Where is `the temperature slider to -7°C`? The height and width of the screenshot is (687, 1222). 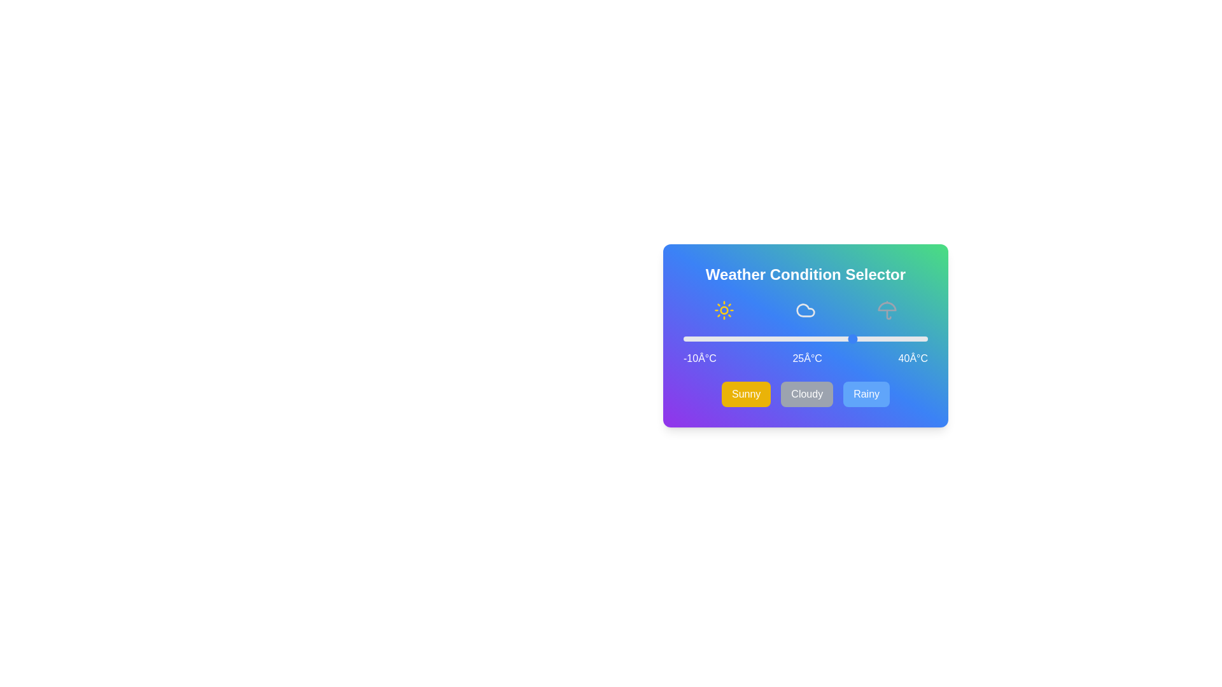
the temperature slider to -7°C is located at coordinates (698, 338).